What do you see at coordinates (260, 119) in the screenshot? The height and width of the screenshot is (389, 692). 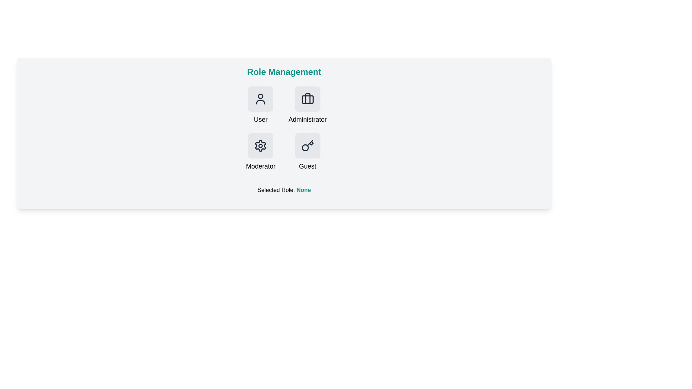 I see `the text label that describes the associated user role` at bounding box center [260, 119].